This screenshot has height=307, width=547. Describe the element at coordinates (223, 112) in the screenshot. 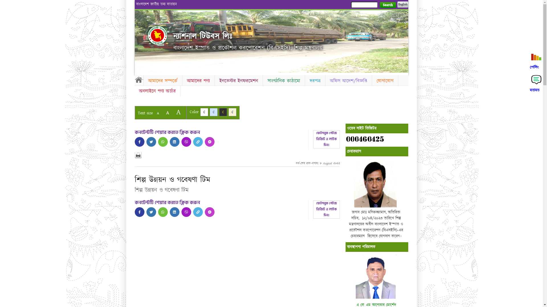

I see `'C'` at that location.